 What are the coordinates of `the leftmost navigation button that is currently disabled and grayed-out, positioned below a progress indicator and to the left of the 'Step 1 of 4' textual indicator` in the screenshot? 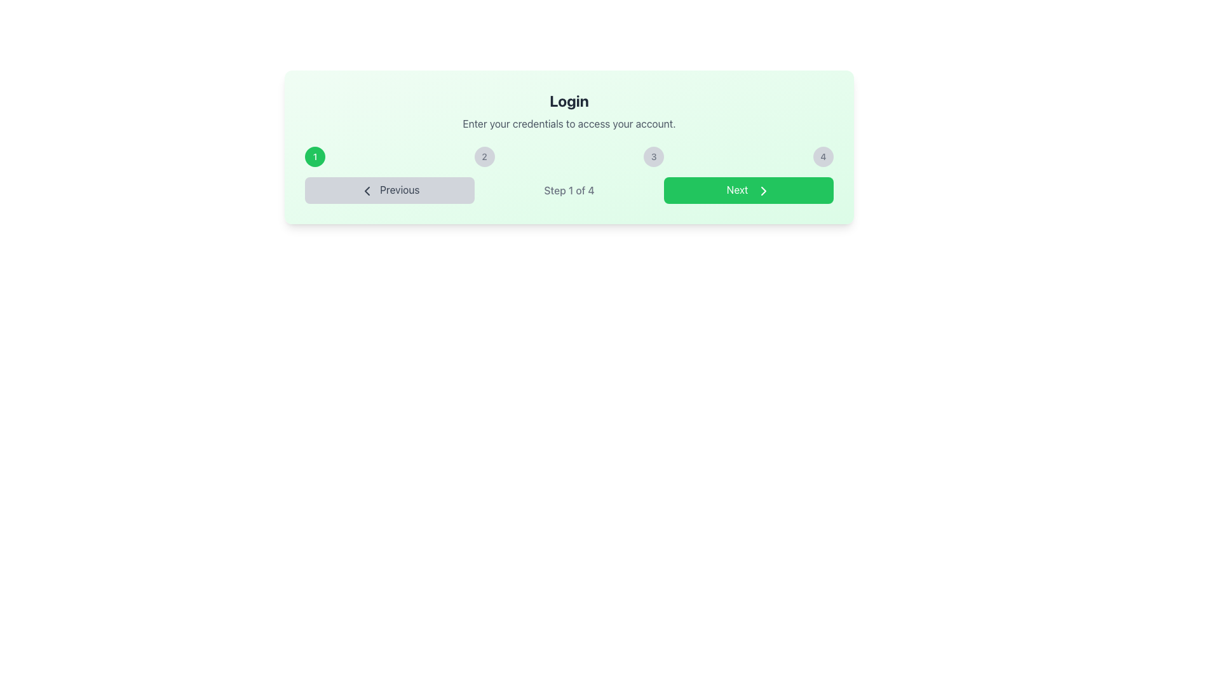 It's located at (389, 190).